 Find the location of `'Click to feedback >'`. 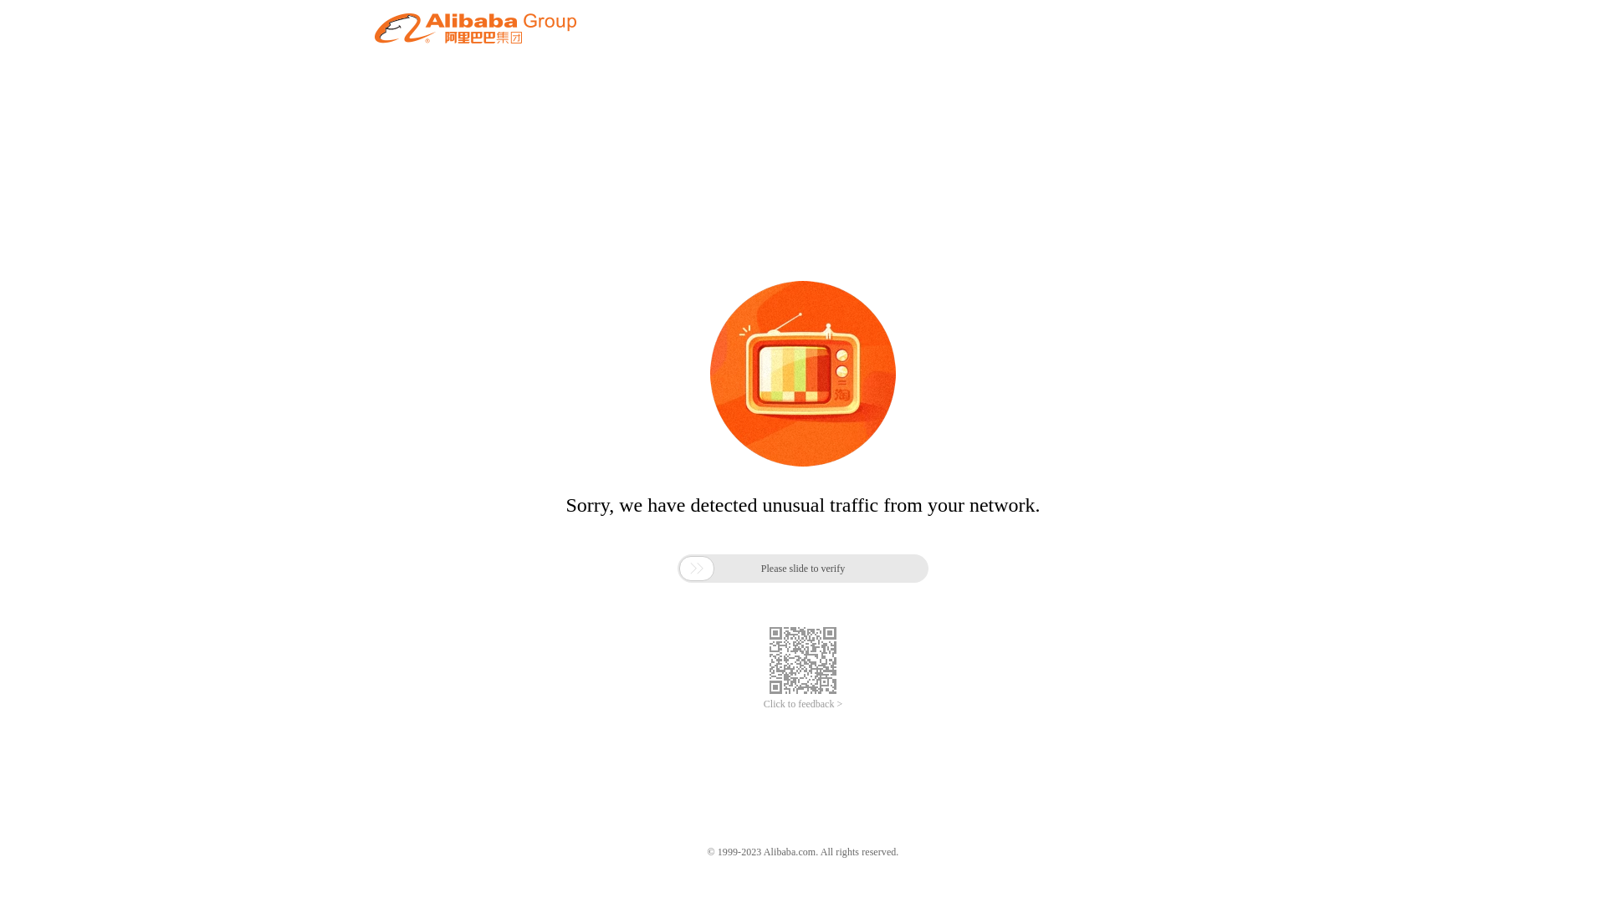

'Click to feedback >' is located at coordinates (803, 704).